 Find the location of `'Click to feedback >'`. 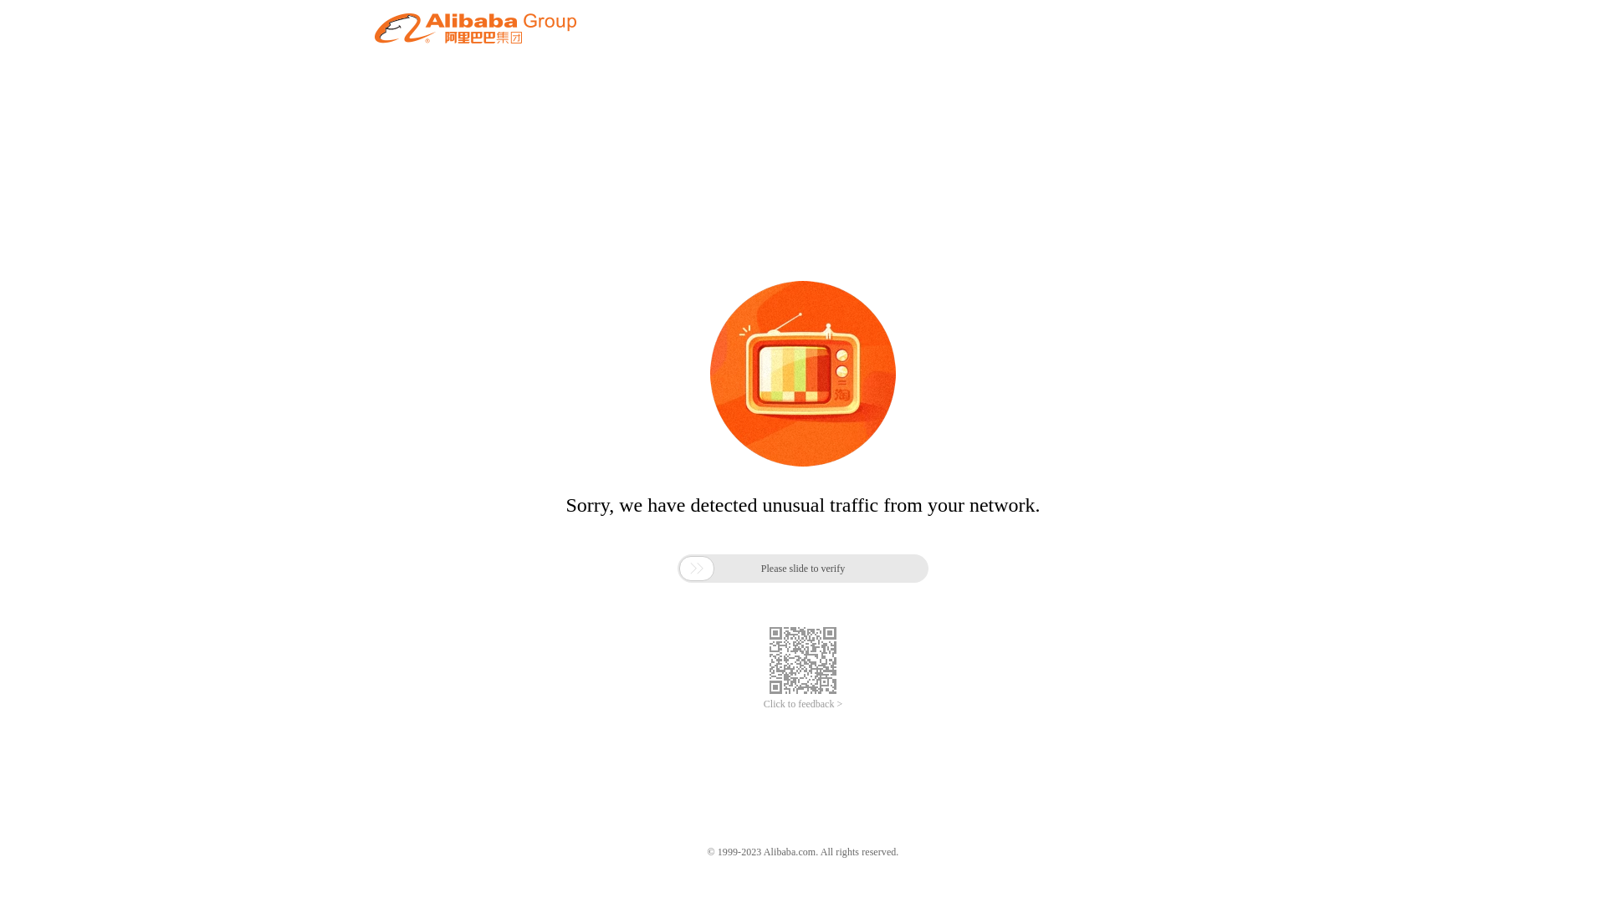

'Click to feedback >' is located at coordinates (803, 704).